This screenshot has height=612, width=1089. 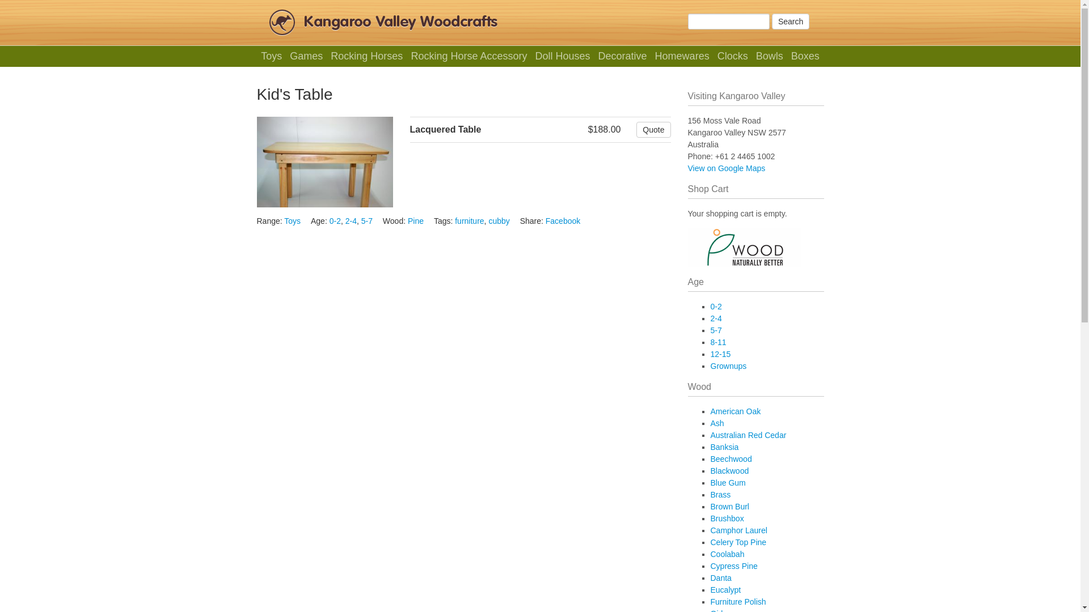 I want to click on 'Decorative', so click(x=622, y=56).